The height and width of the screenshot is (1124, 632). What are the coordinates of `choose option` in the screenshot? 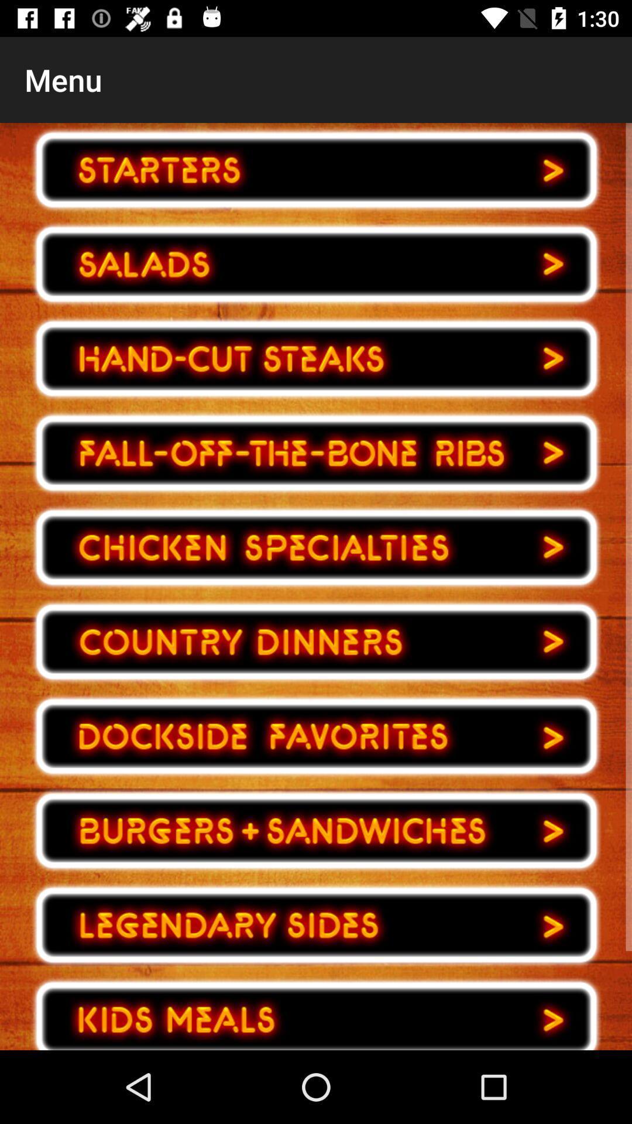 It's located at (316, 736).